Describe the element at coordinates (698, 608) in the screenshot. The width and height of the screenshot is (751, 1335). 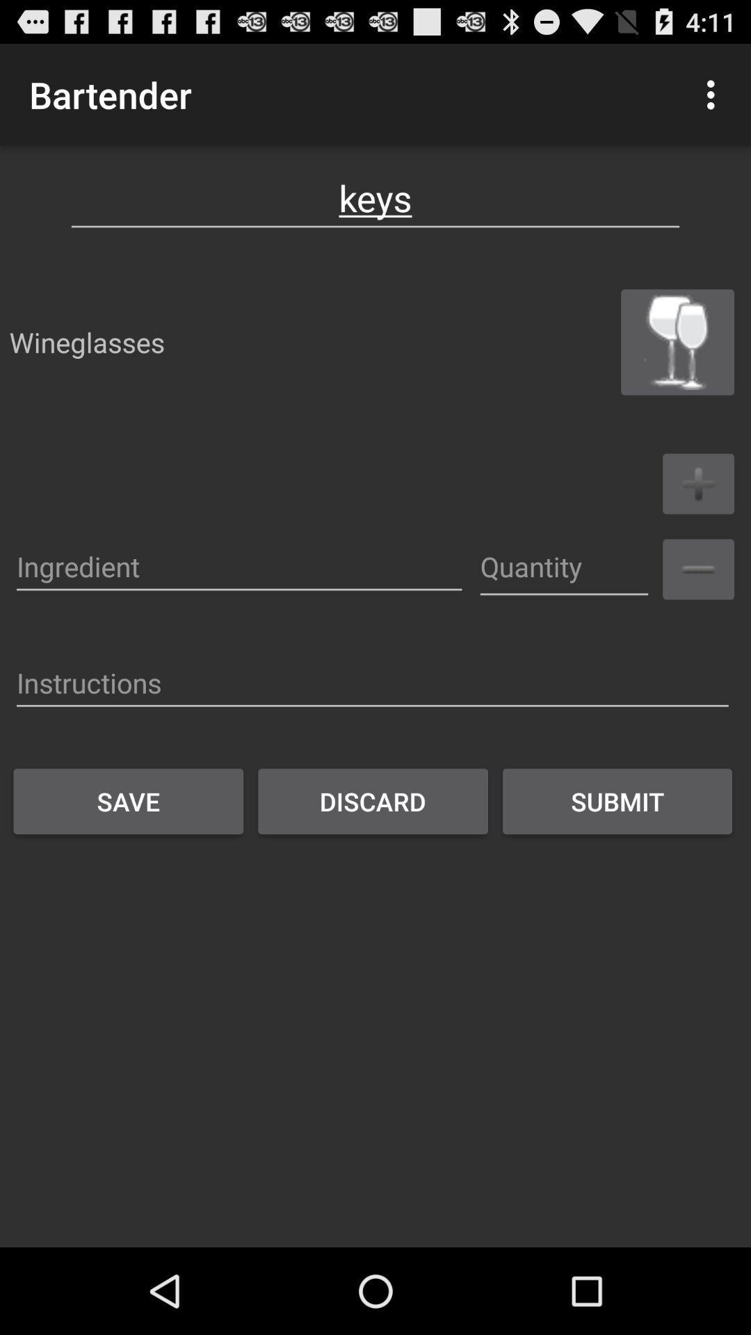
I see `the minus icon` at that location.